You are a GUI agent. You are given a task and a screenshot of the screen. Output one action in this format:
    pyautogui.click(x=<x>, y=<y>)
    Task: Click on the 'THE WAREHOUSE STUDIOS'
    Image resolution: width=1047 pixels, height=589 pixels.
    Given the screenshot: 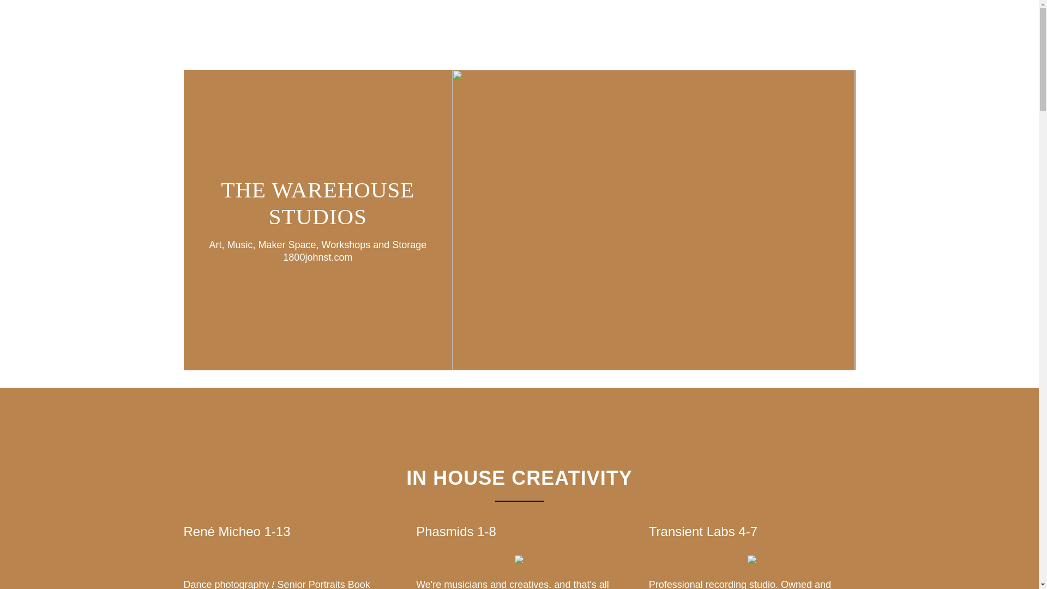 What is the action you would take?
    pyautogui.click(x=317, y=221)
    